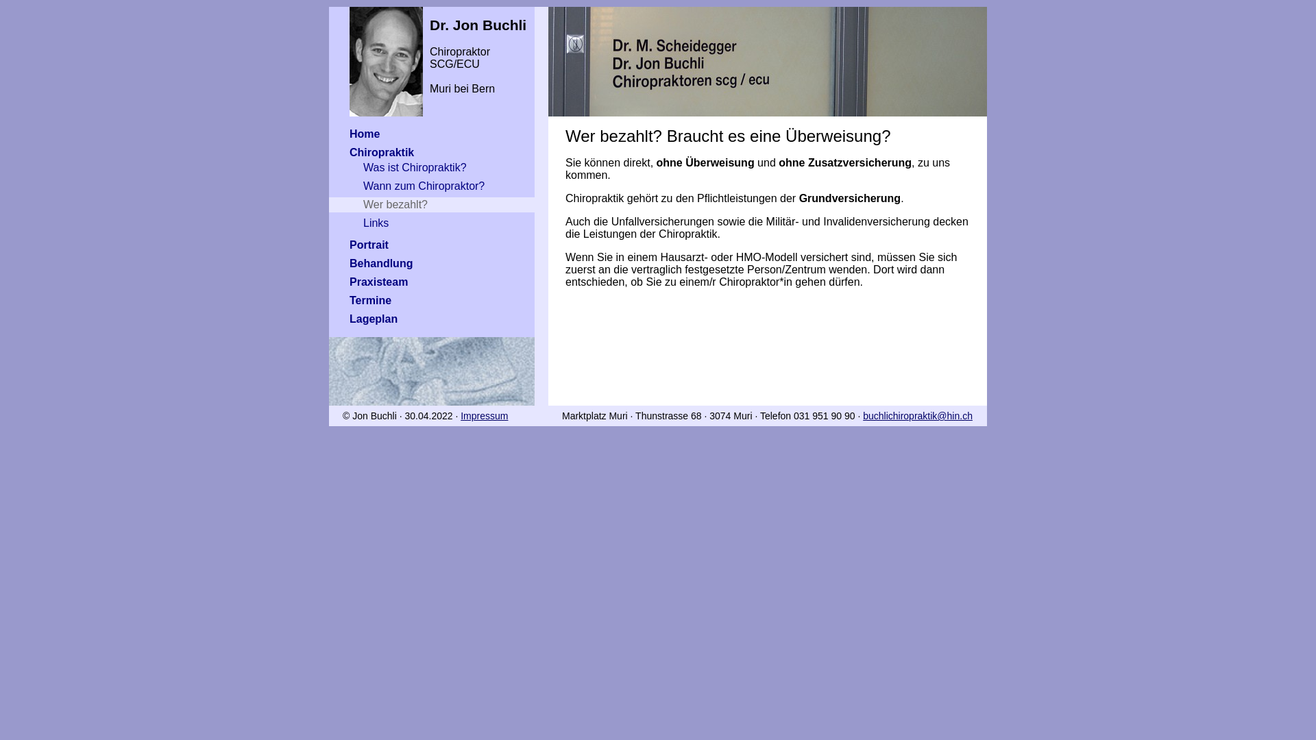 The height and width of the screenshot is (740, 1316). Describe the element at coordinates (484, 415) in the screenshot. I see `'Impressum'` at that location.